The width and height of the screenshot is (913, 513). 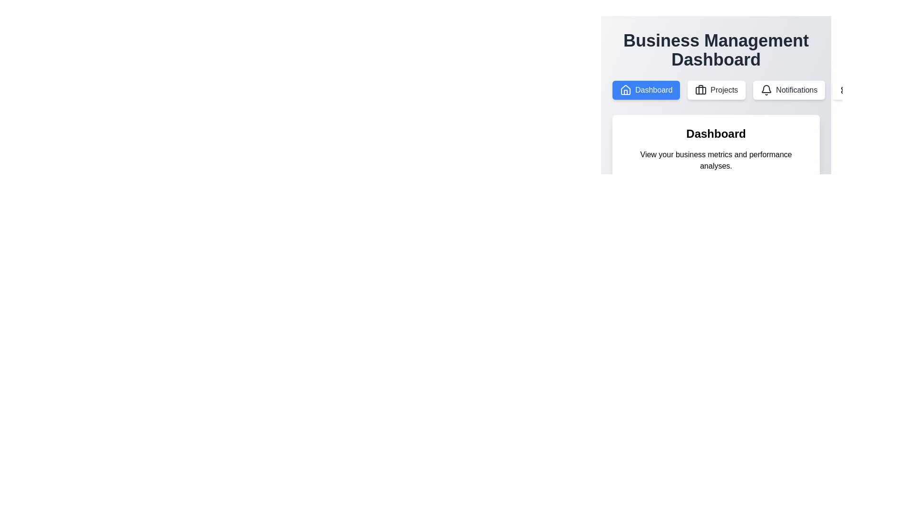 What do you see at coordinates (717, 90) in the screenshot?
I see `the 'Projects' navigation button` at bounding box center [717, 90].